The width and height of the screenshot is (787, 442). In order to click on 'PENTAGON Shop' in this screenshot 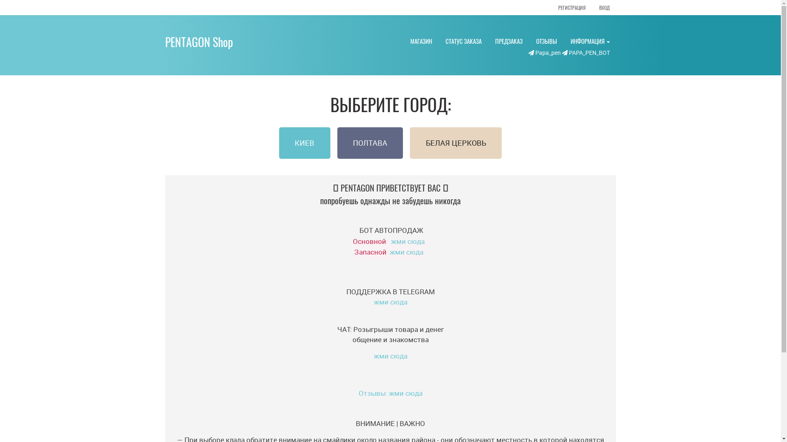, I will do `click(198, 42)`.